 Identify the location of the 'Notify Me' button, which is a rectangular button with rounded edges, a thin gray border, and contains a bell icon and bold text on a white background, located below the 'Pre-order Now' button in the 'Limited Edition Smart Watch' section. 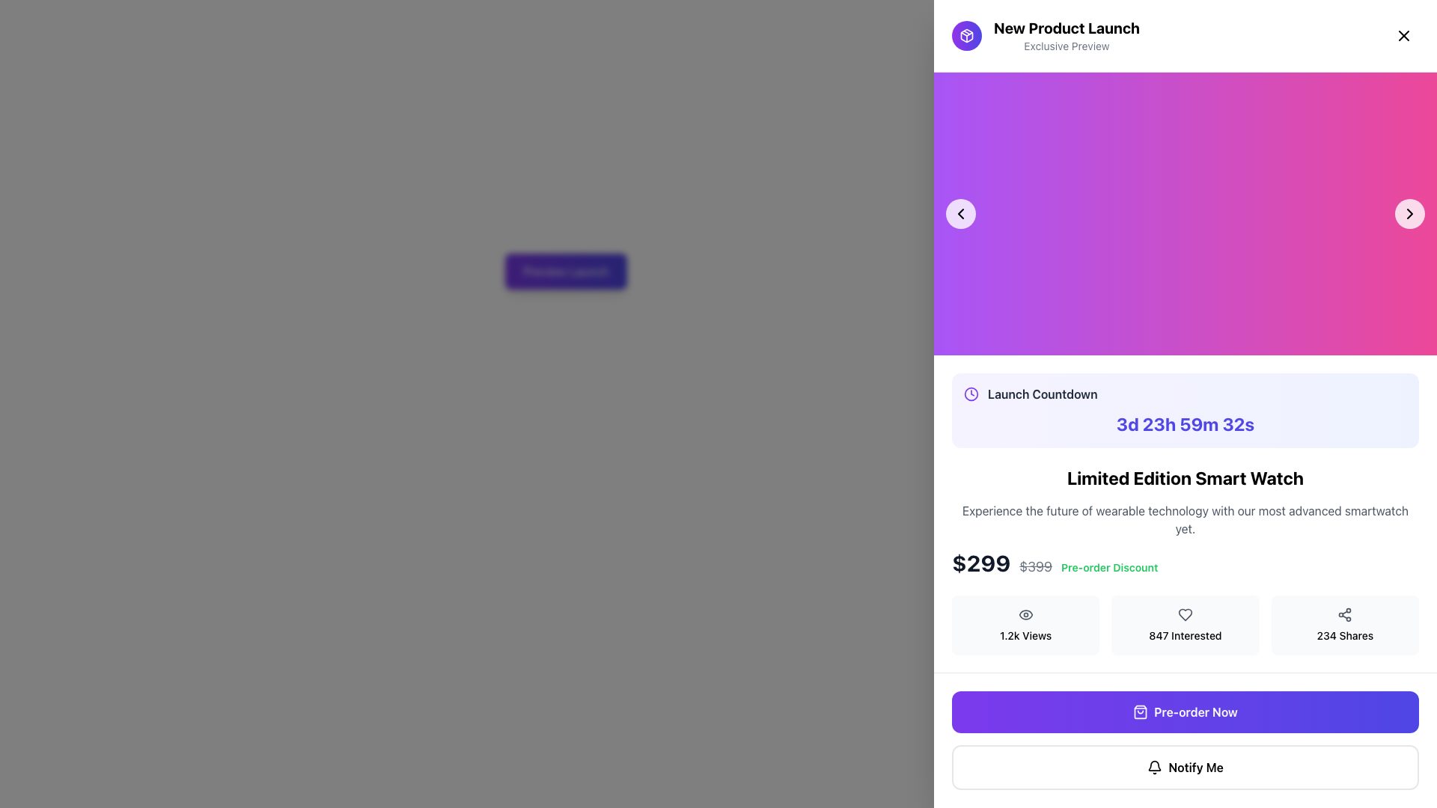
(1185, 768).